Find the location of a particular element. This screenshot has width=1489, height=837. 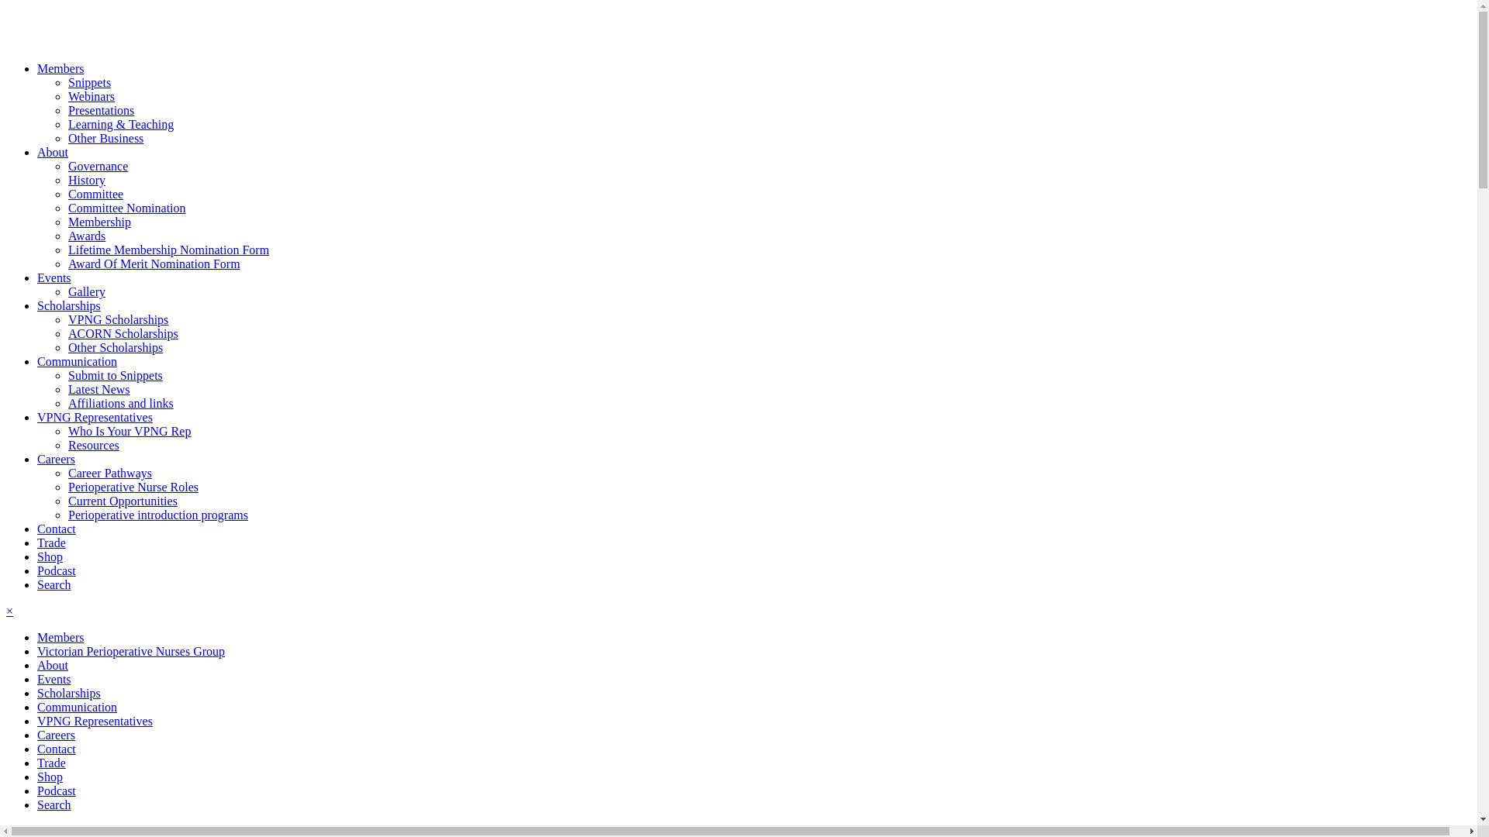

'Committee Nomination' is located at coordinates (126, 207).